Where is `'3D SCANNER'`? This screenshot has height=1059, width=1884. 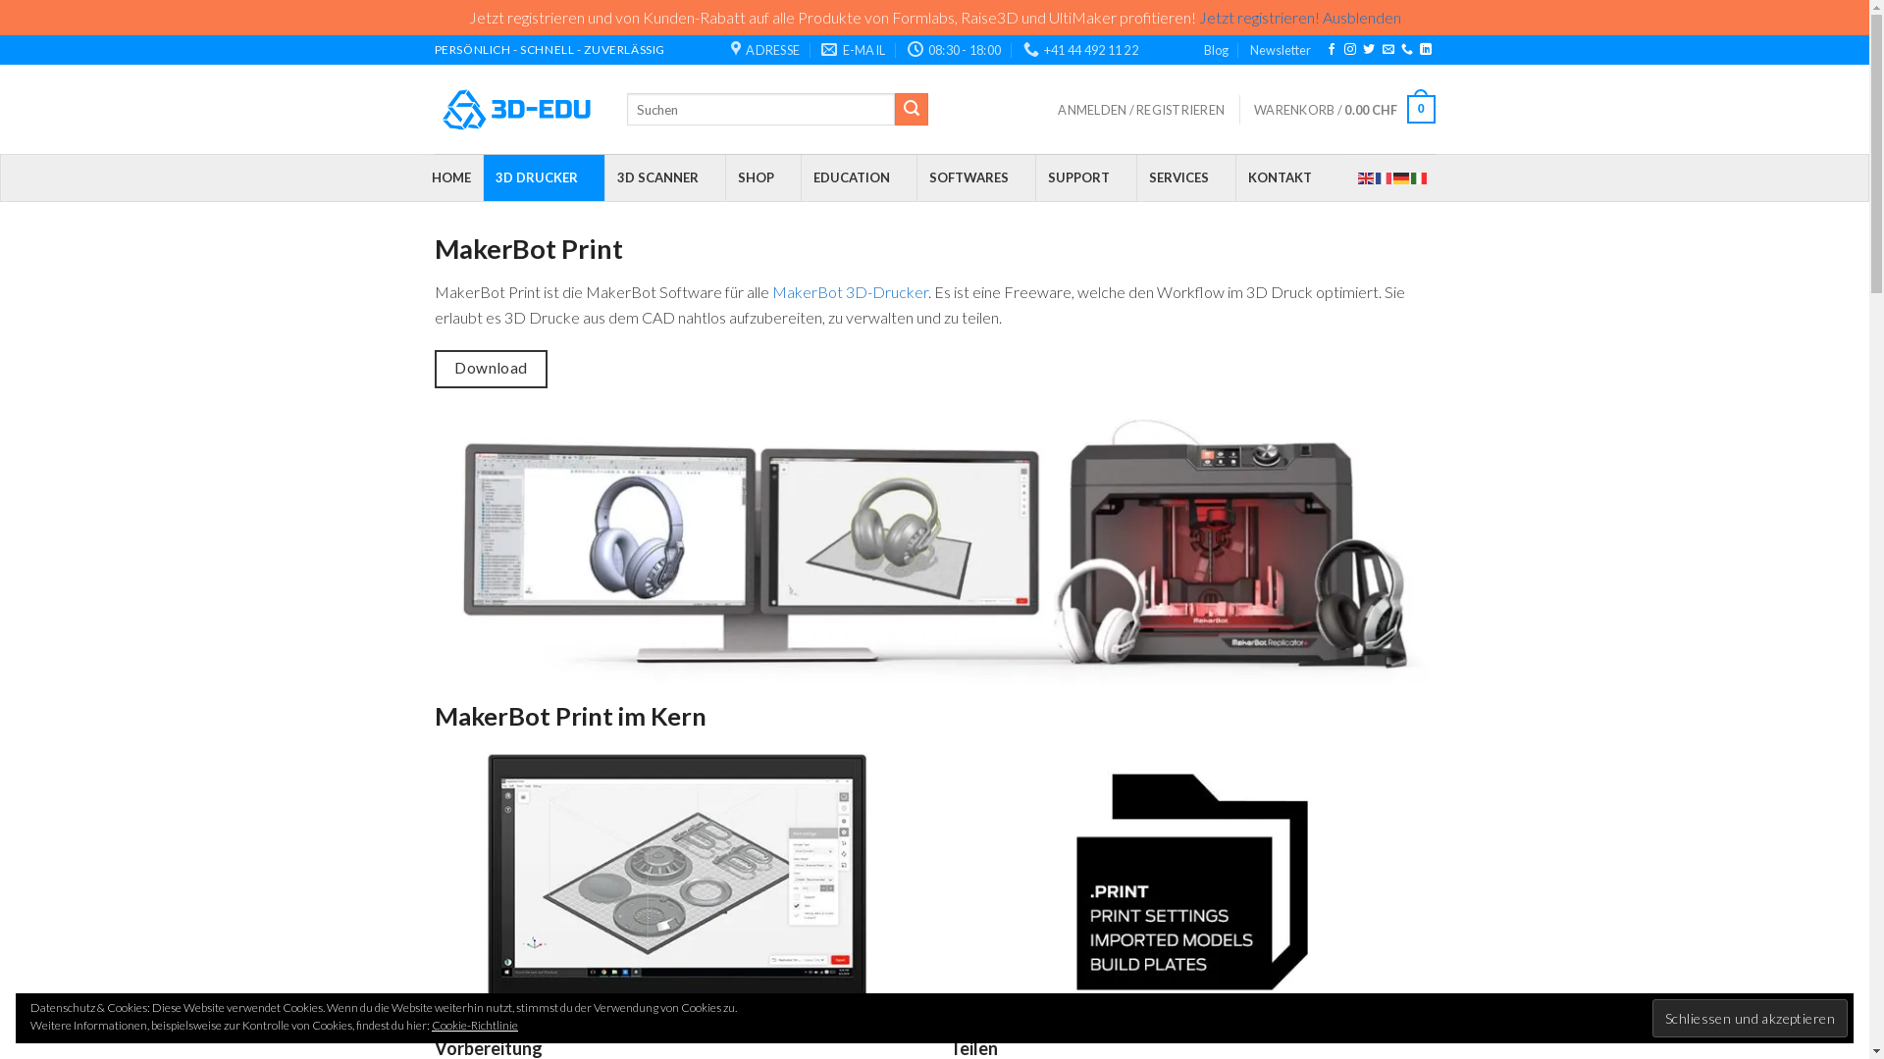
'3D SCANNER' is located at coordinates (664, 177).